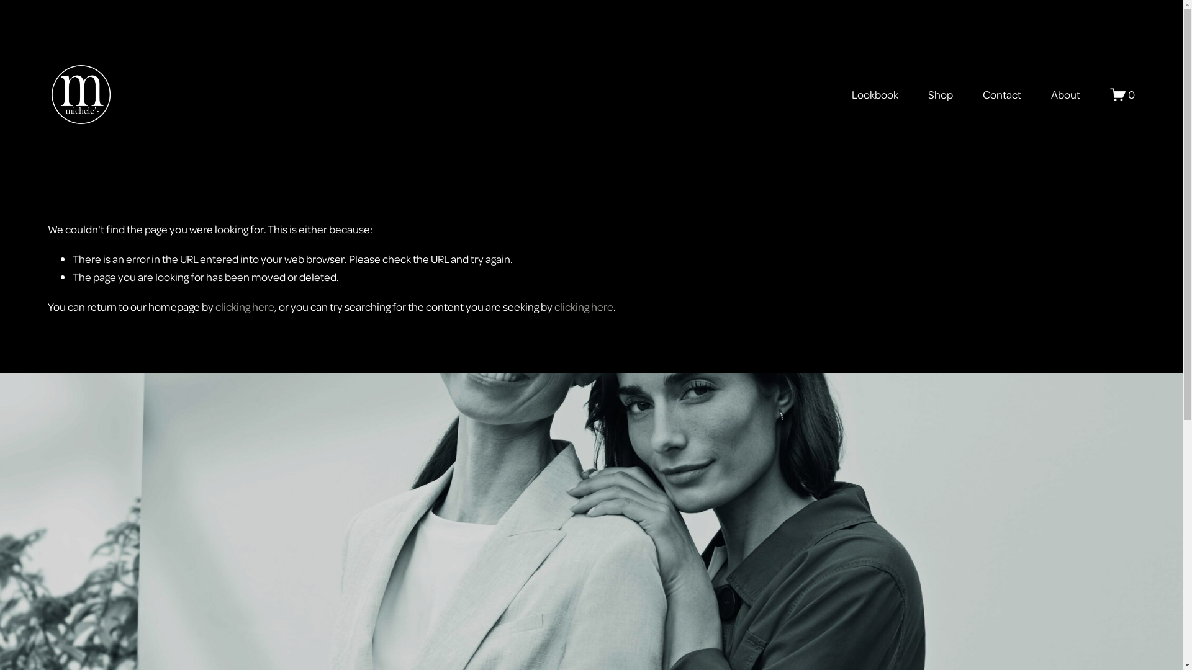 The image size is (1192, 670). I want to click on 'Shop', so click(928, 94).